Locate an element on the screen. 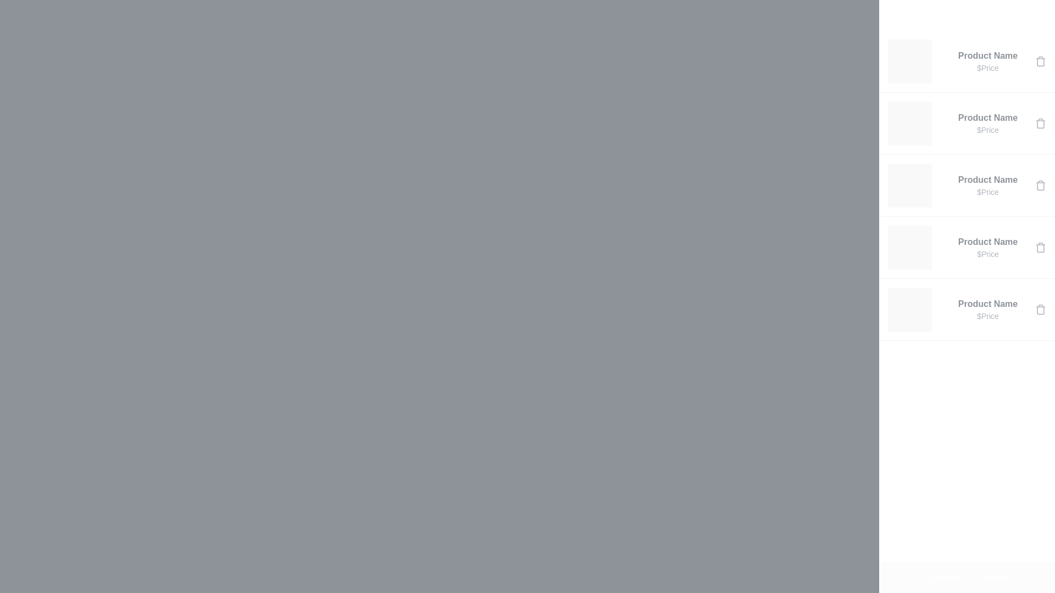  the static text element displaying '$Price', which is styled in gray and positioned below 'Product Name' is located at coordinates (988, 316).